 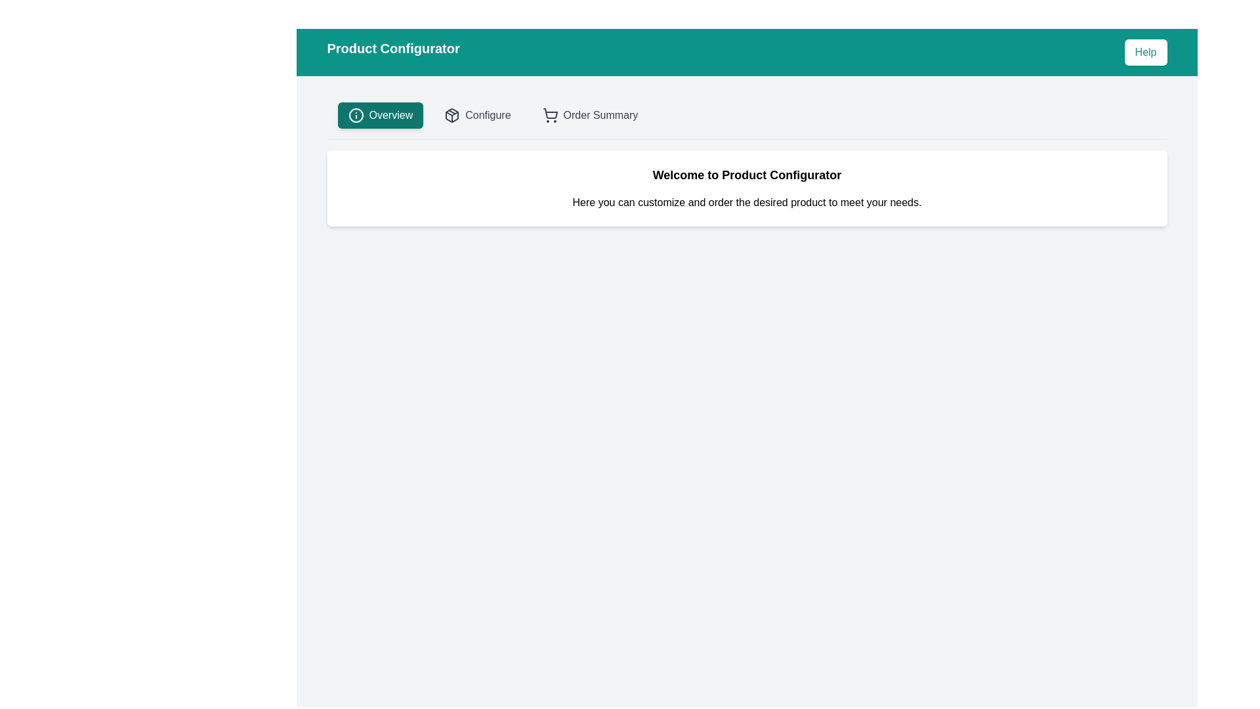 I want to click on the static text that reads 'Here you can customize and order the desired product to meet your needs', which is styled in a normal font and located beneath the heading 'Welcome to Product Configurator', so click(x=747, y=202).